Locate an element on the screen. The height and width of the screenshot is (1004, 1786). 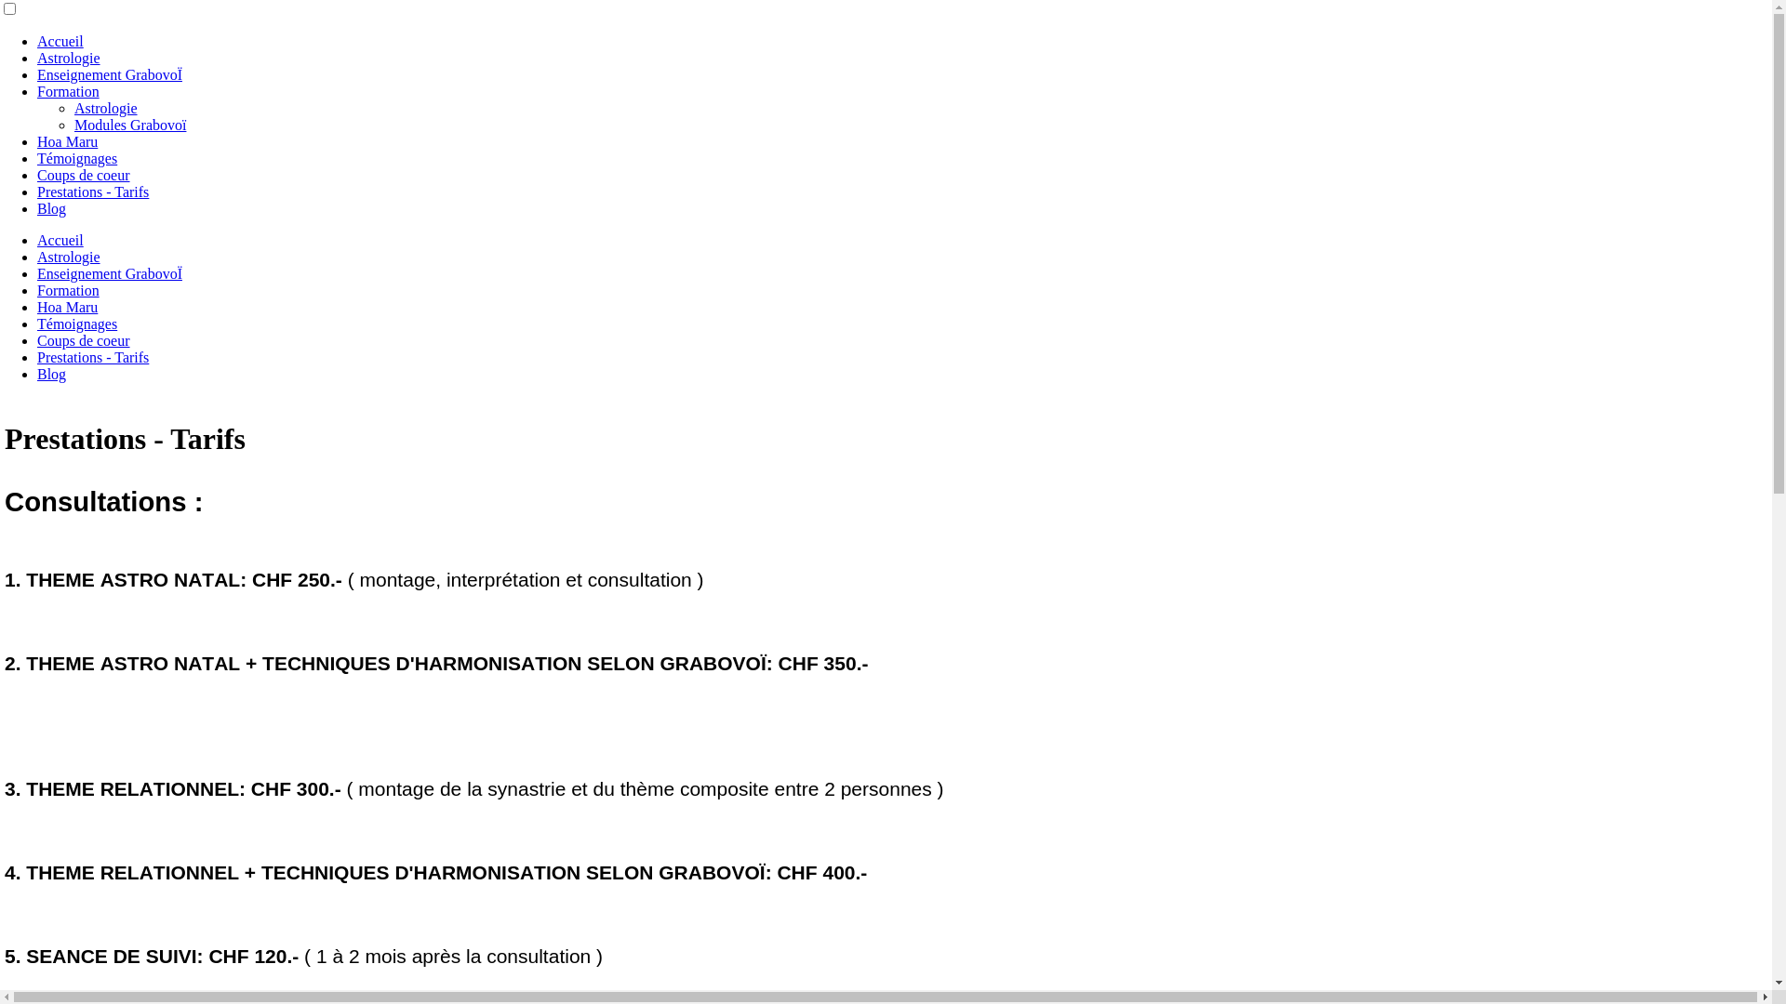
'Coups de coeur' is located at coordinates (36, 175).